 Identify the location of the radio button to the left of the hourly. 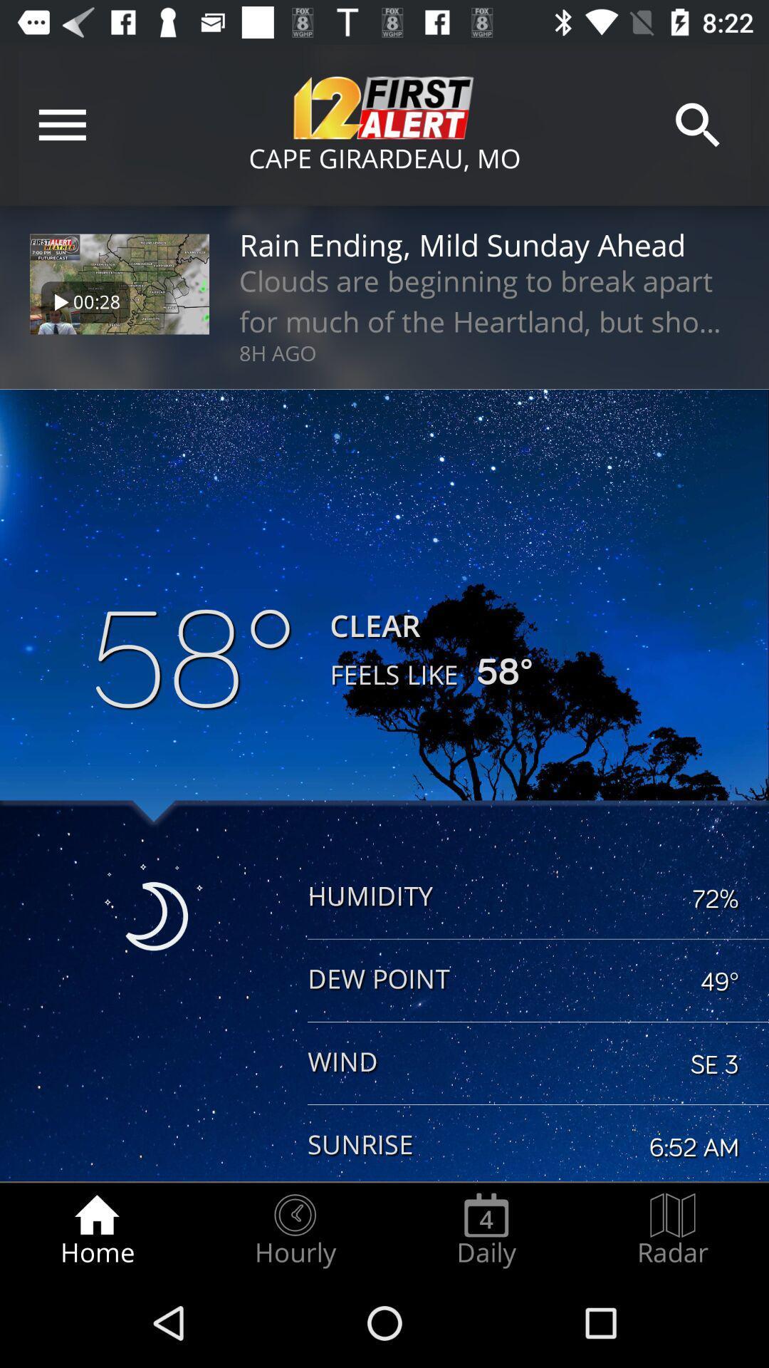
(96, 1230).